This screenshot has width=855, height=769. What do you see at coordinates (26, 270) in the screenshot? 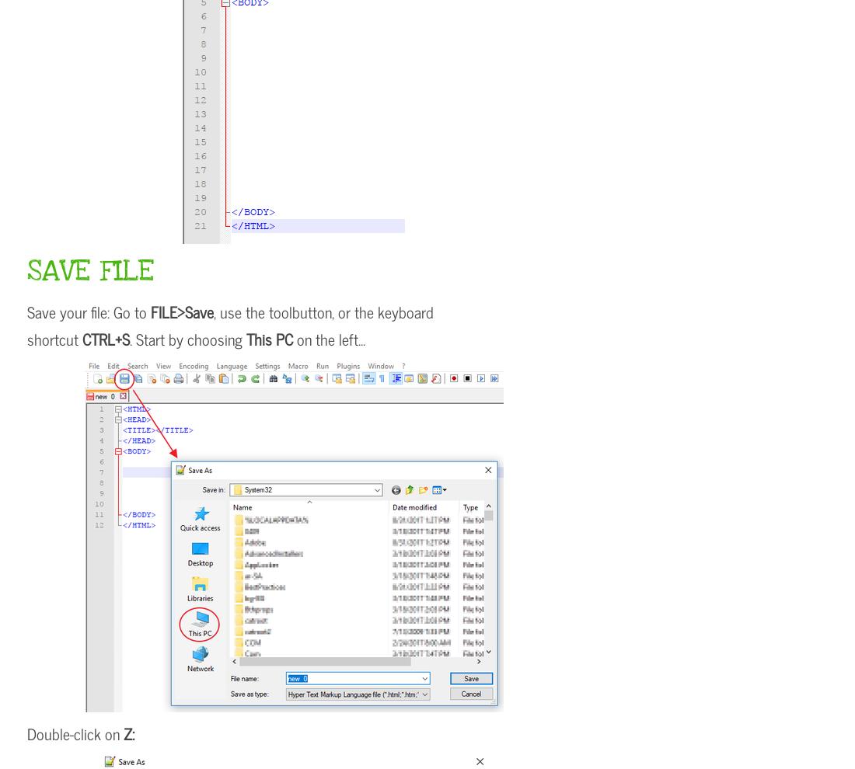
I see `'Save File'` at bounding box center [26, 270].